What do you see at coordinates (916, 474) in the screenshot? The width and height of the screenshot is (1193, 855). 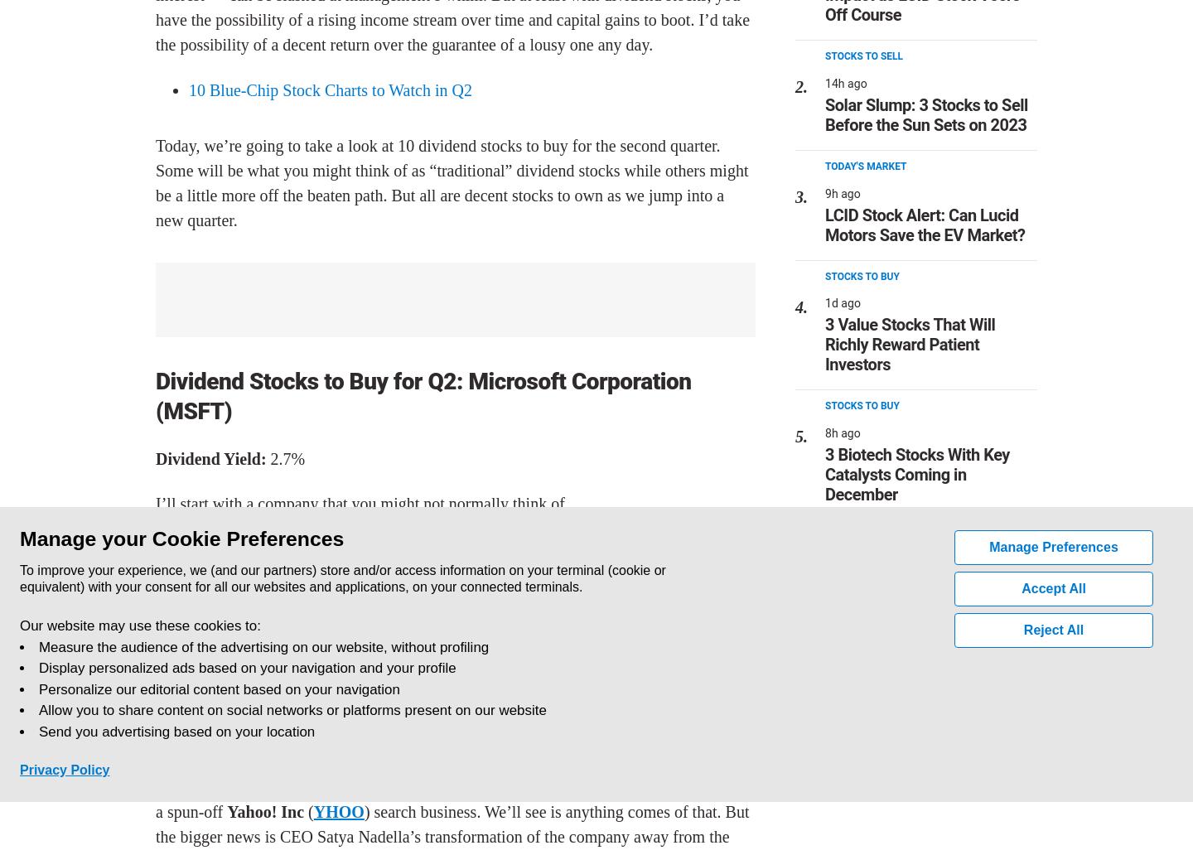 I see `'3 Biotech Stocks With Key Catalysts Coming in December'` at bounding box center [916, 474].